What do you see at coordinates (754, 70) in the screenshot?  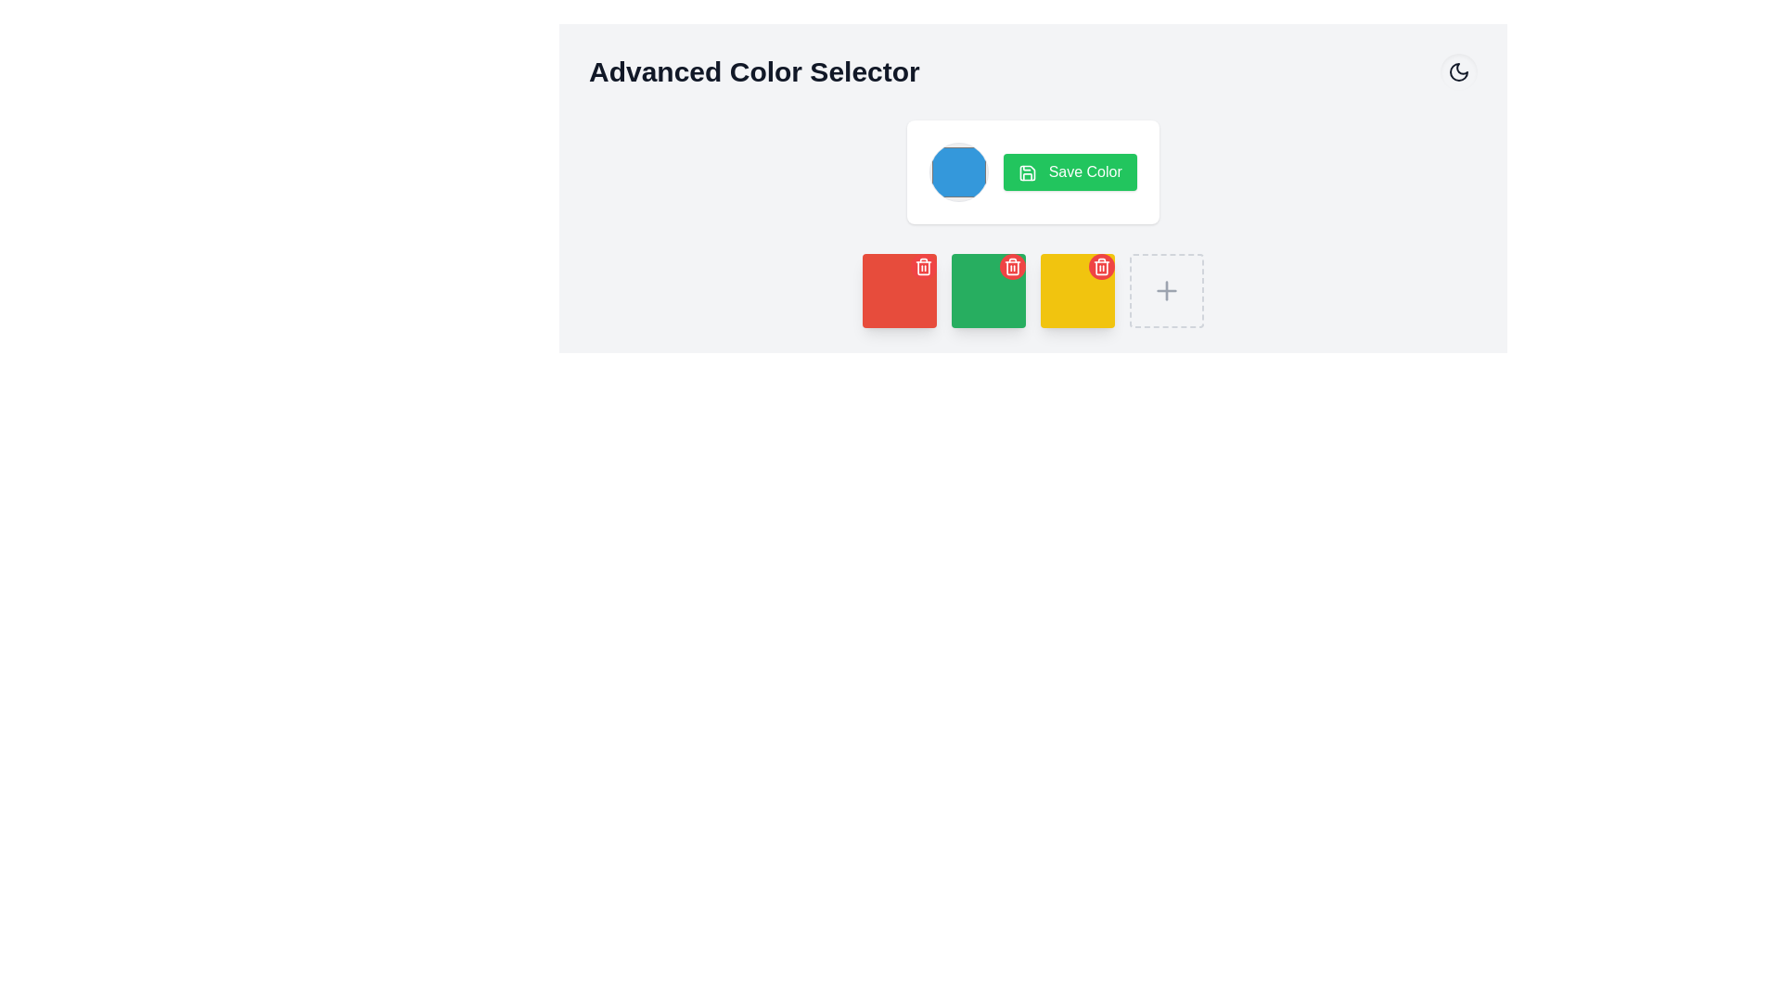 I see `bold text label displaying 'Advanced Color Selector' located at the top-left area of the application layout` at bounding box center [754, 70].